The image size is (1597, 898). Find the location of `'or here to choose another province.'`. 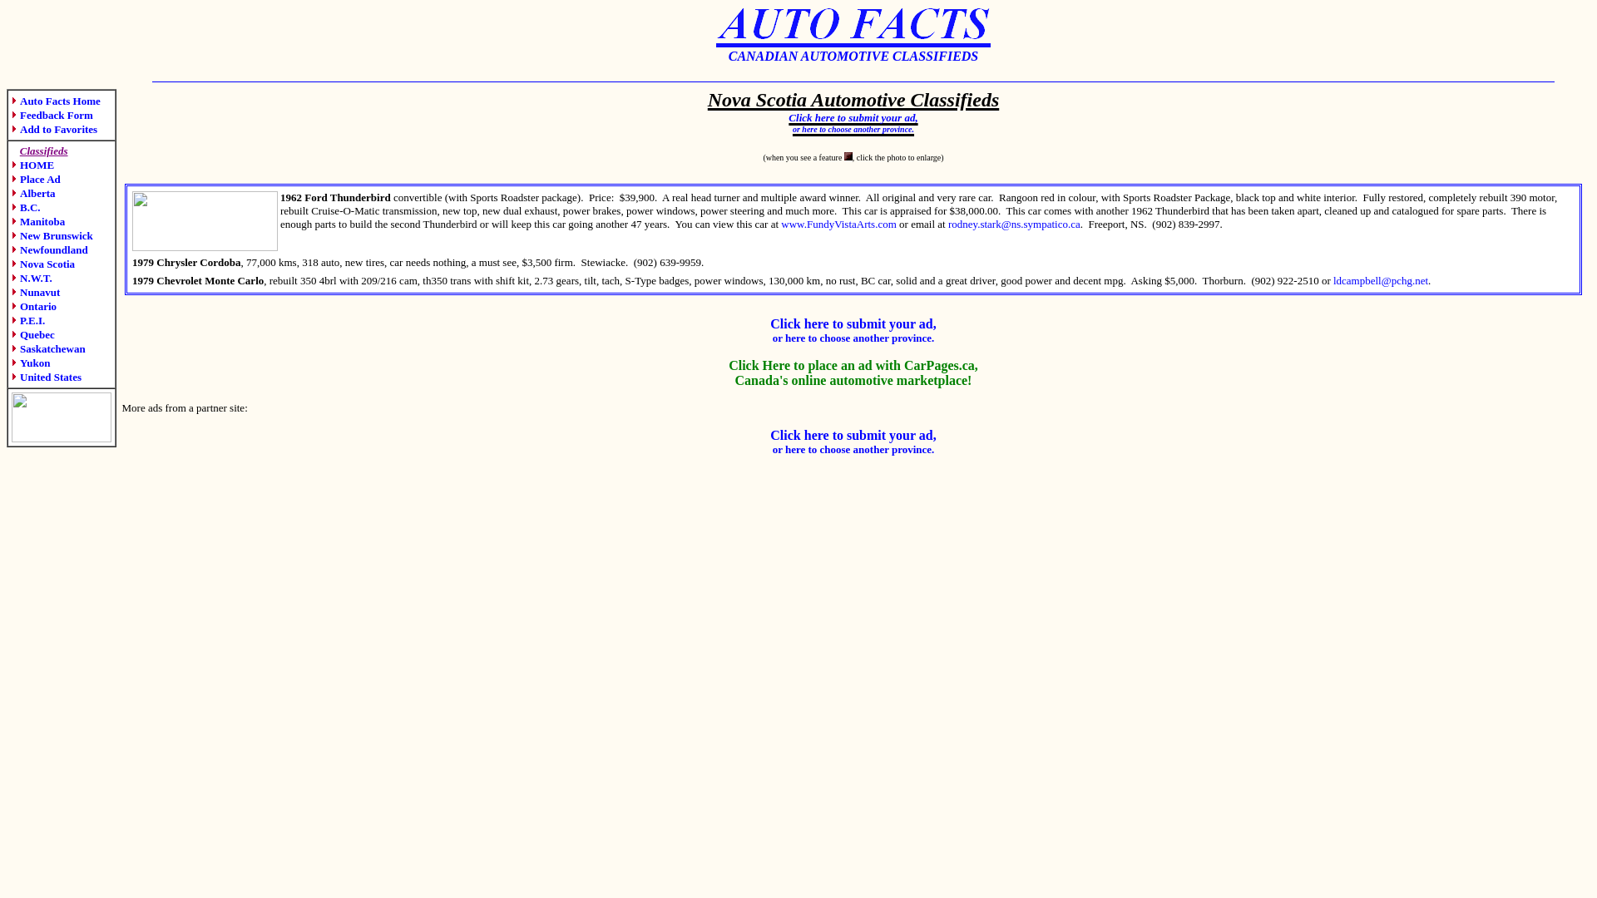

'or here to choose another province.' is located at coordinates (792, 124).